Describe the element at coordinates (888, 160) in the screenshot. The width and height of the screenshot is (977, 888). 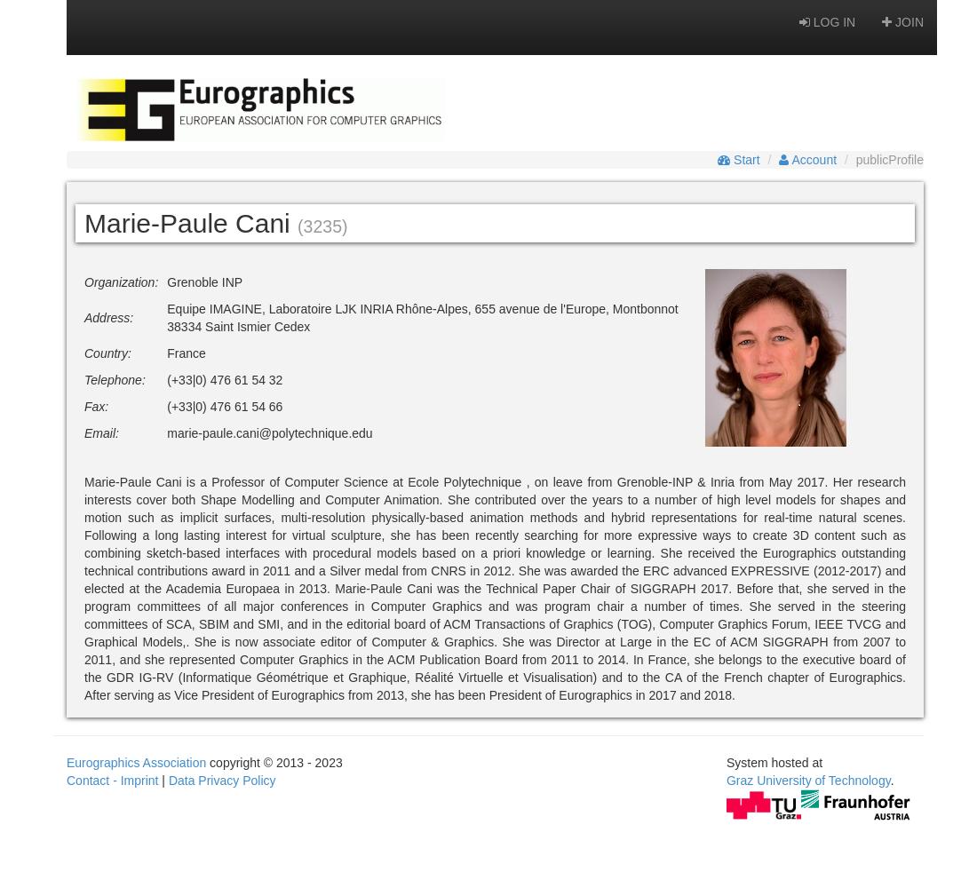
I see `'publicProfile'` at that location.